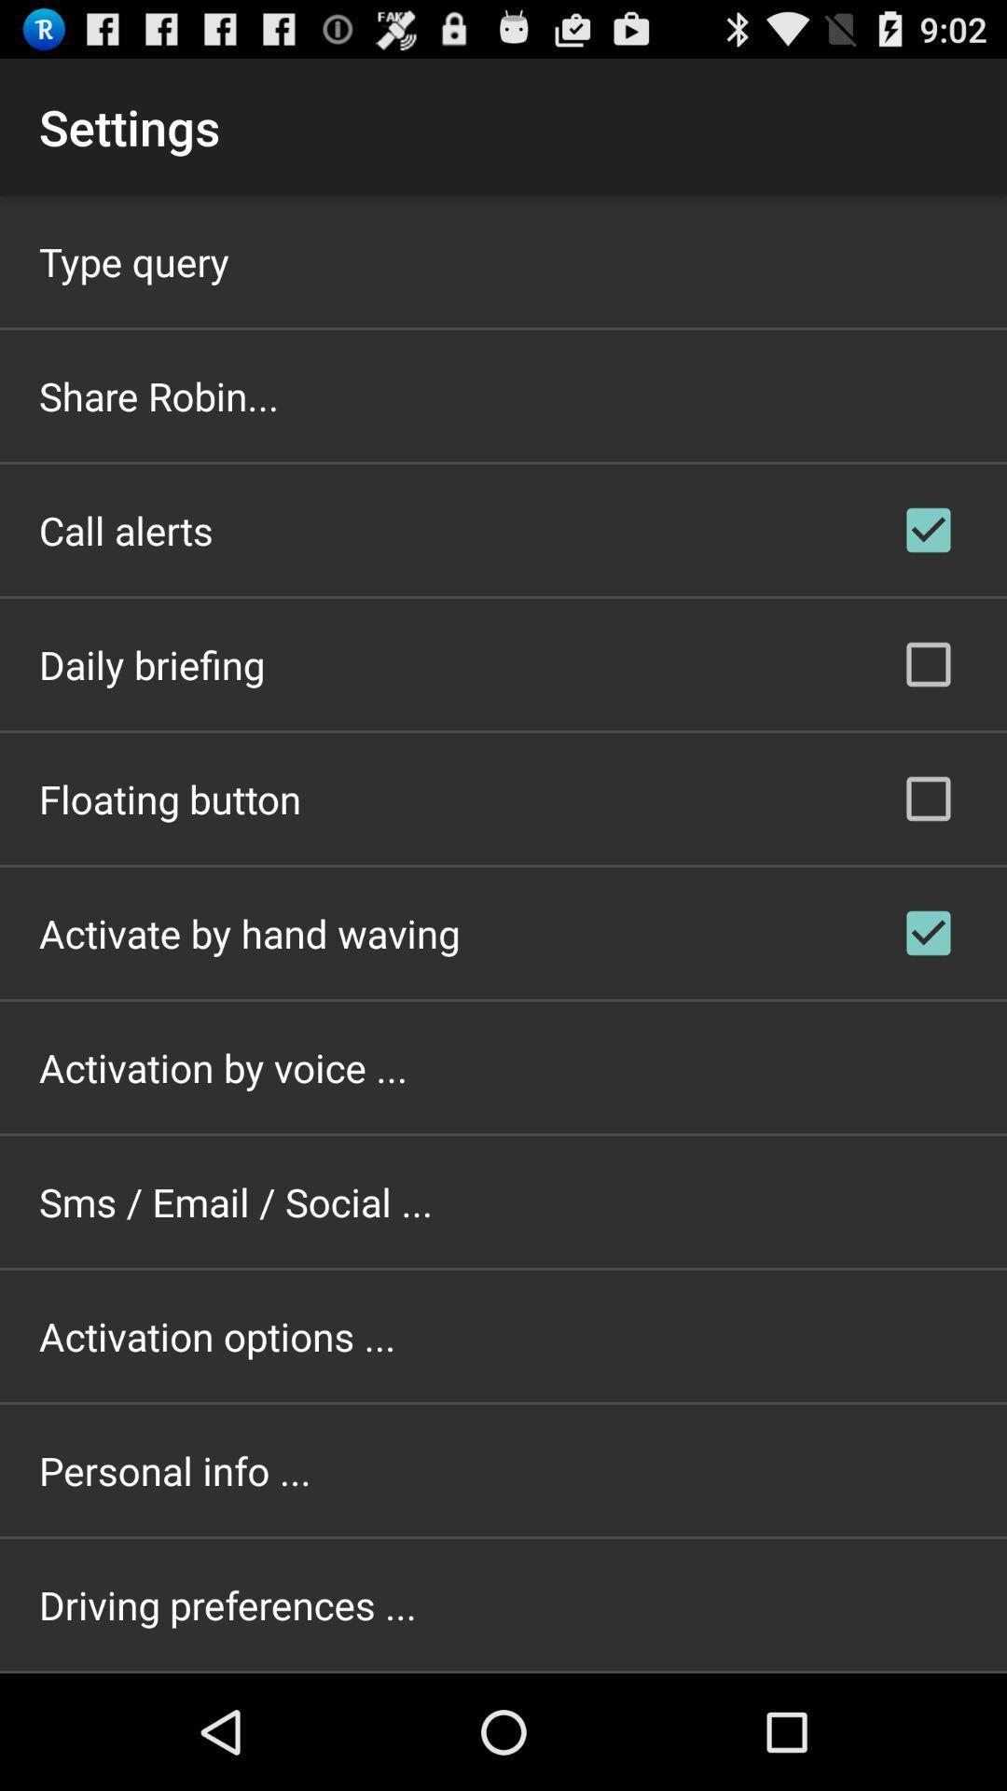  I want to click on the app below the activation by voice ... item, so click(235, 1201).